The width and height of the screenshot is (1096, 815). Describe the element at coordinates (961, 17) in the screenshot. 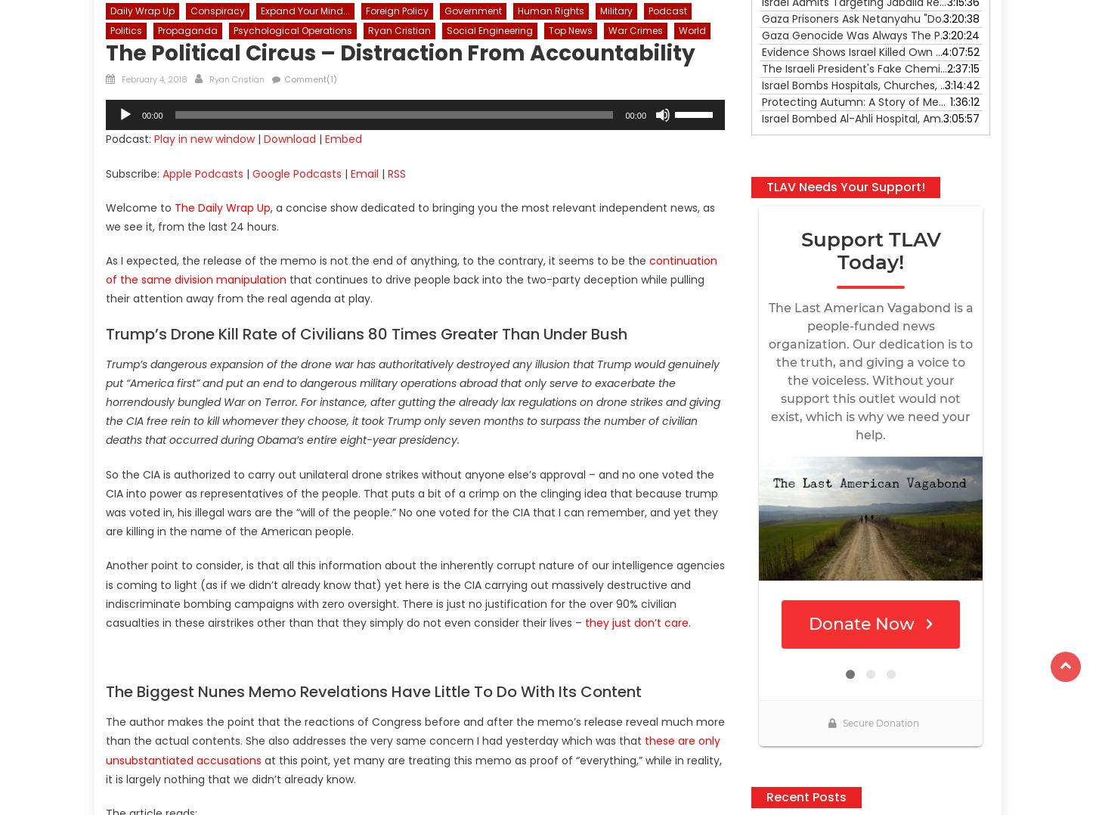

I see `'3:20:38'` at that location.